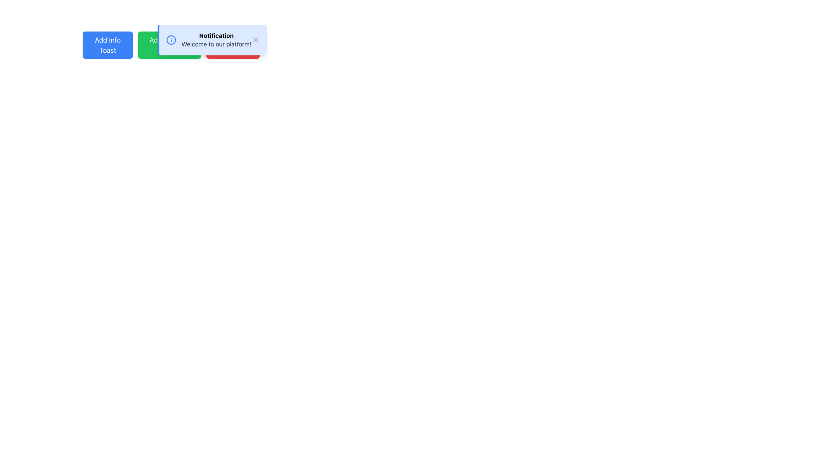 This screenshot has height=460, width=818. What do you see at coordinates (255, 40) in the screenshot?
I see `the close button located in the top-right corner of the notification card` at bounding box center [255, 40].